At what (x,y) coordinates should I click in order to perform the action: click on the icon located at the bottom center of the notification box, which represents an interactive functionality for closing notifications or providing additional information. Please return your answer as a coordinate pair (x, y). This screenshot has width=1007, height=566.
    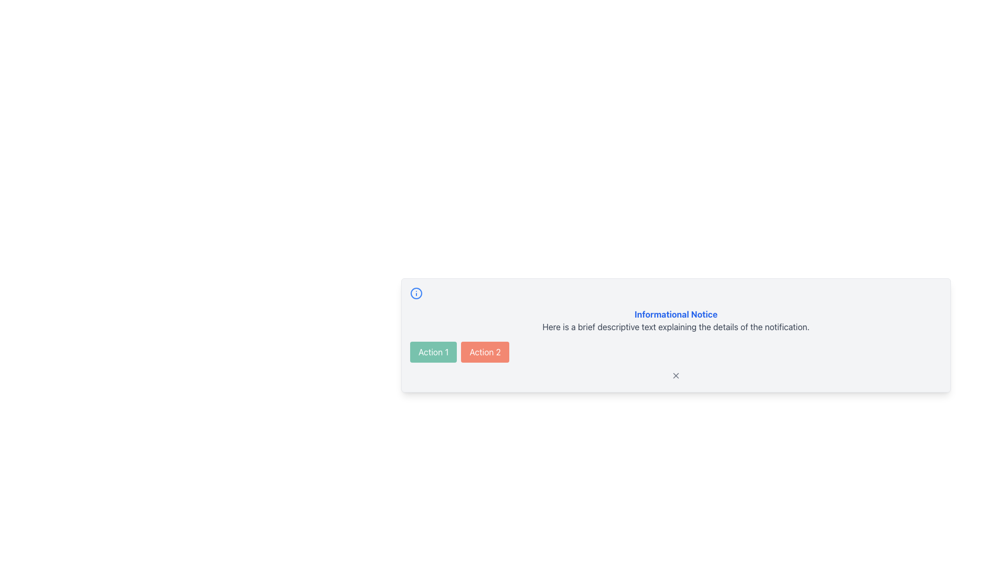
    Looking at the image, I should click on (676, 377).